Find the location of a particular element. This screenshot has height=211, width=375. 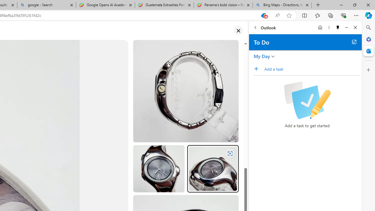

'Unpin side pane' is located at coordinates (338, 27).